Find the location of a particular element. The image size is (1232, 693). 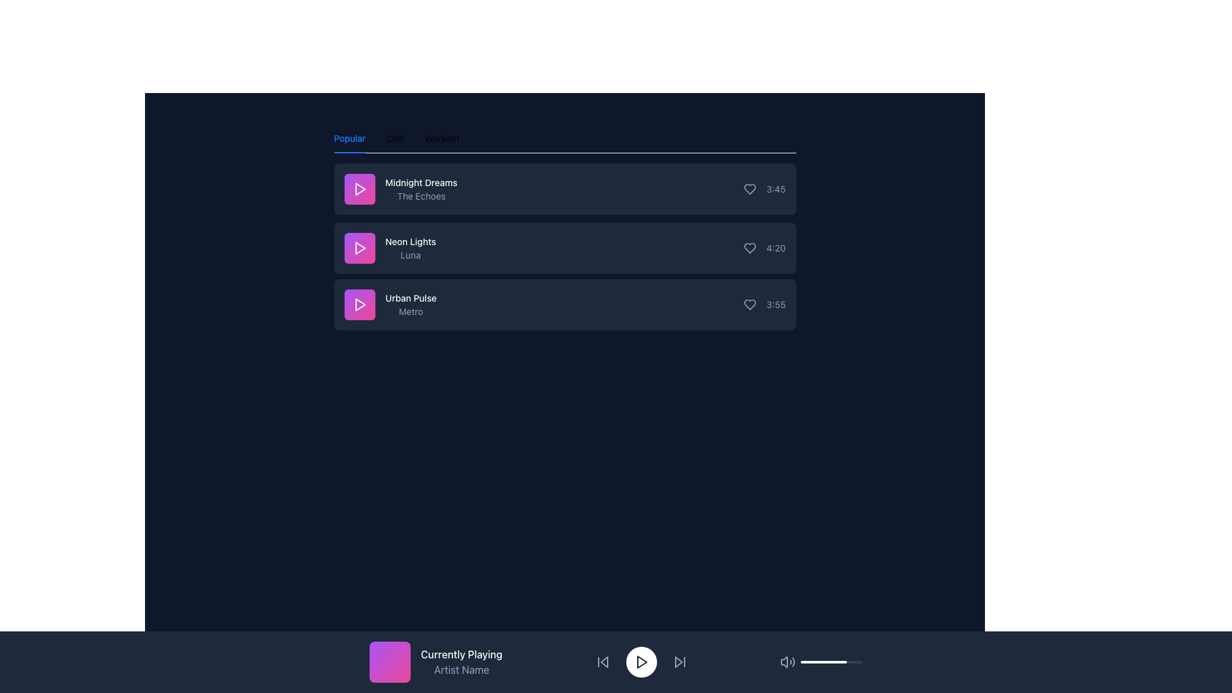

the text element displaying the duration or time associated with a media track, located in the top-right corner adjacent to a heart-shaped icon is located at coordinates (764, 189).